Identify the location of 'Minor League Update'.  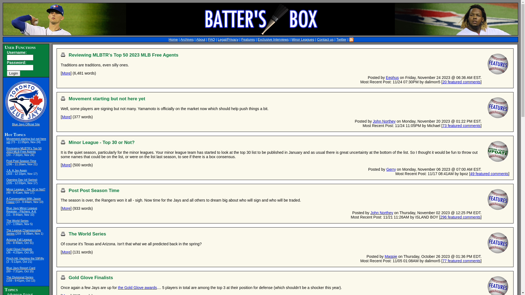
(486, 151).